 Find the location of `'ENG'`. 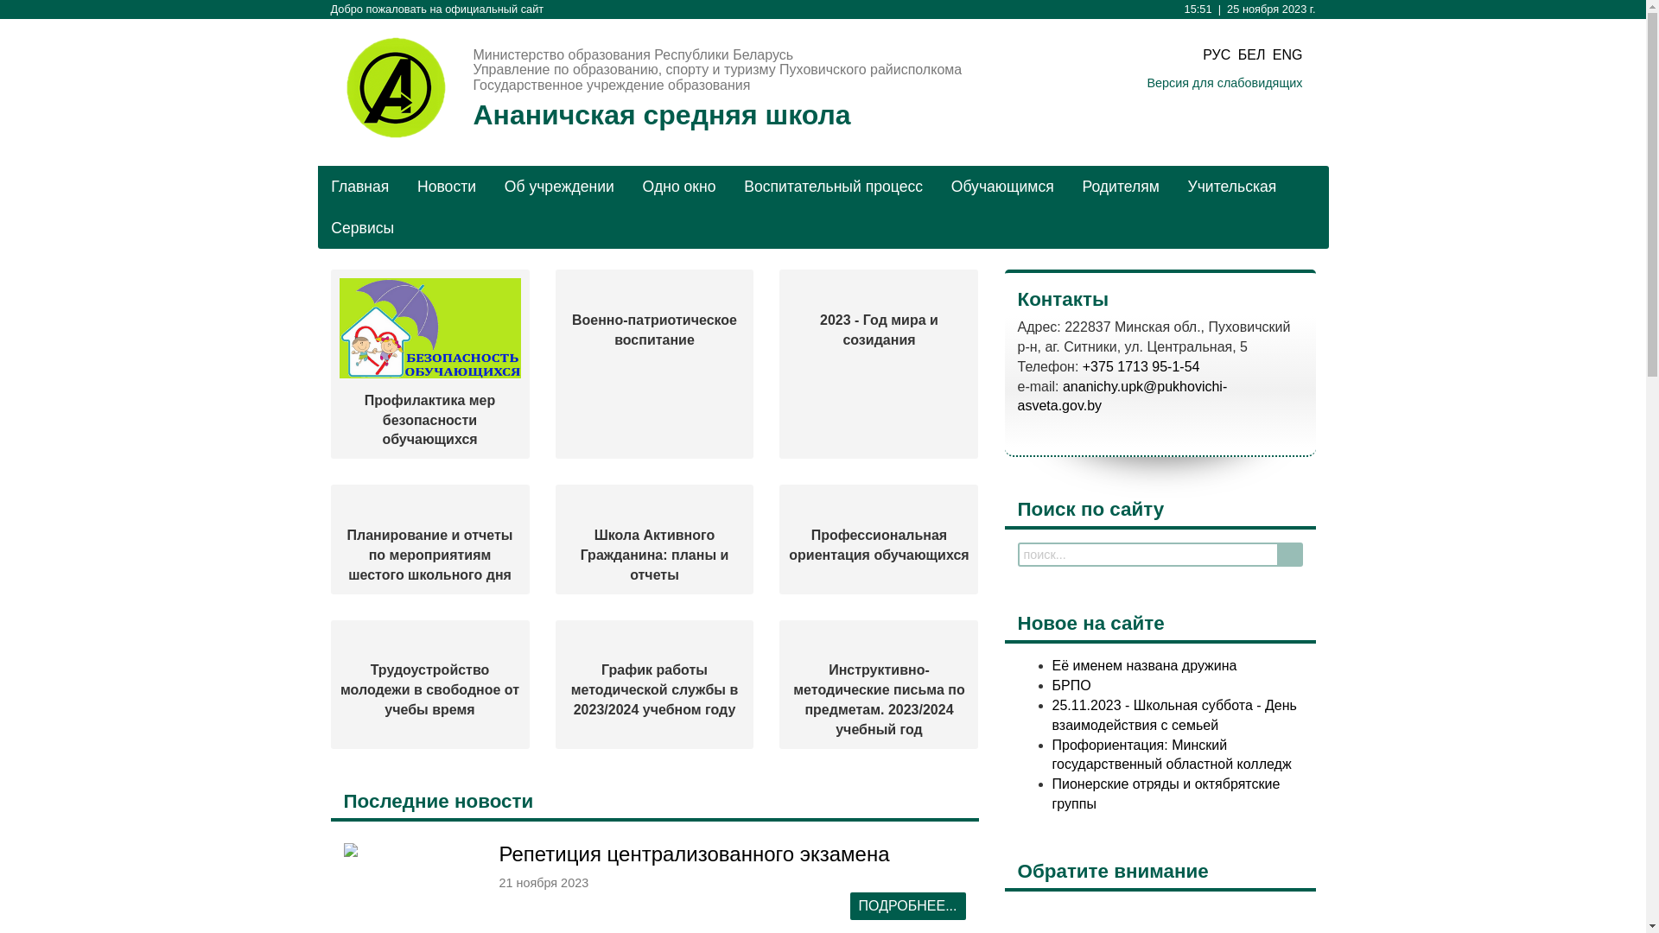

'ENG' is located at coordinates (1273, 54).